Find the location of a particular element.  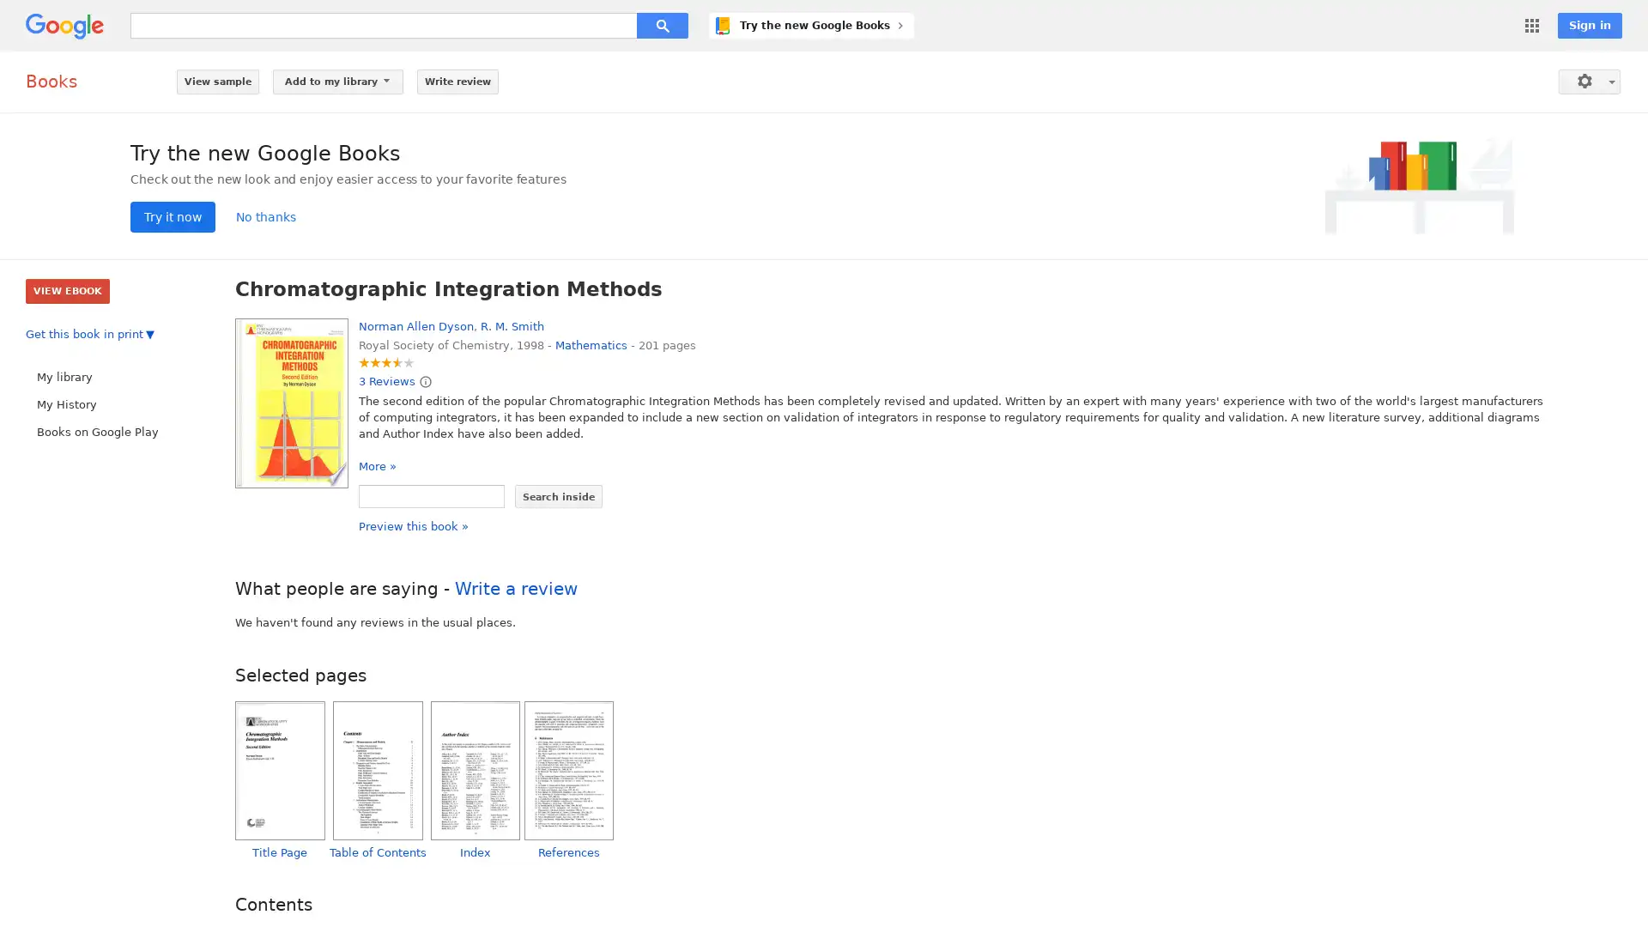

Google Search is located at coordinates (662, 26).